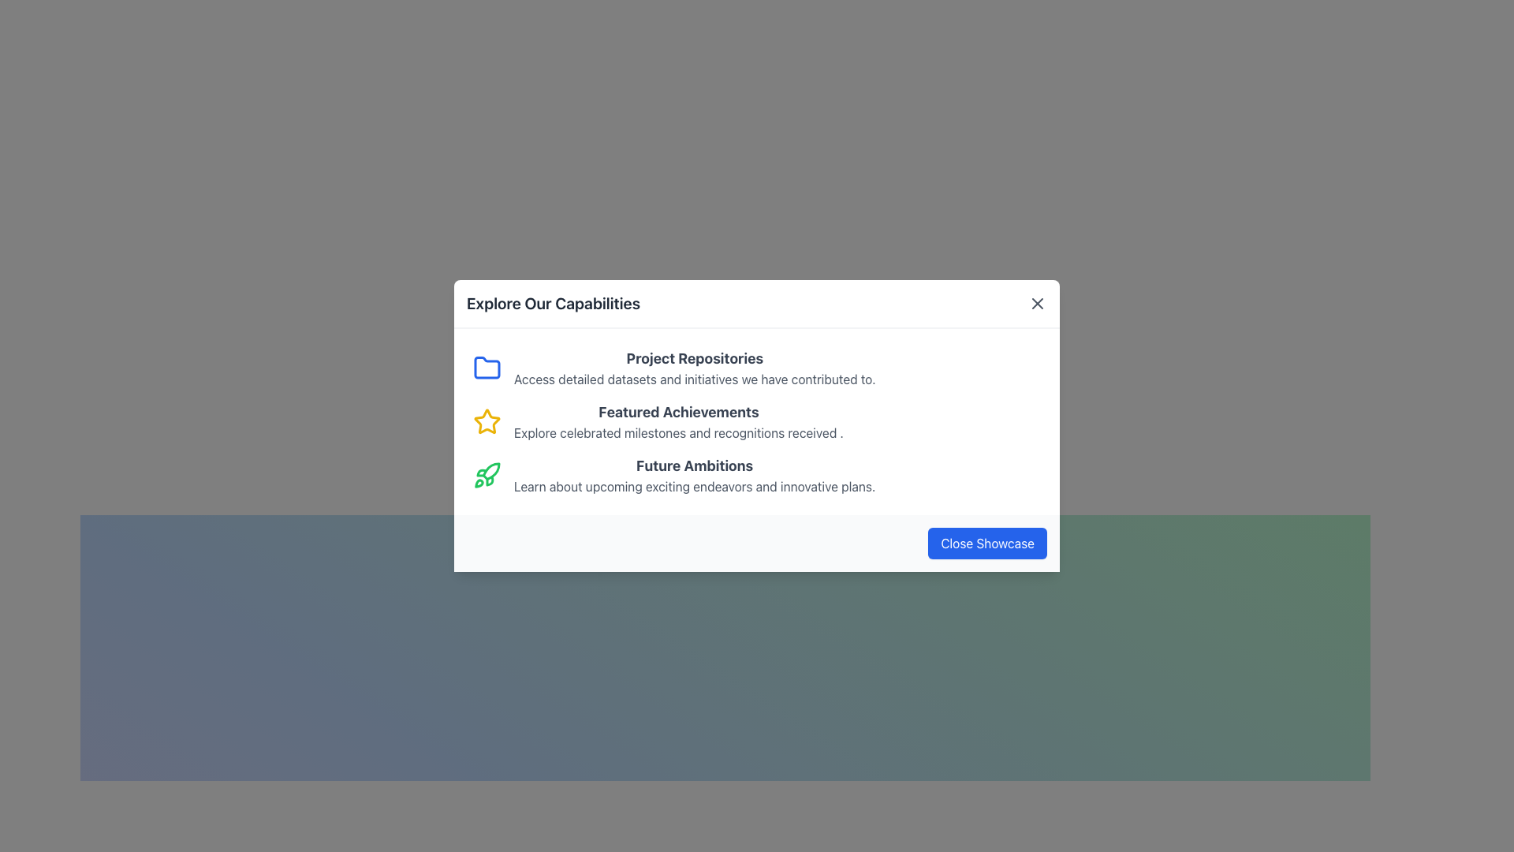  I want to click on the informational label located in the third row under the 'Explore Our Capabilities' section, to the right of the green leaf-like icon, for further details, so click(694, 474).